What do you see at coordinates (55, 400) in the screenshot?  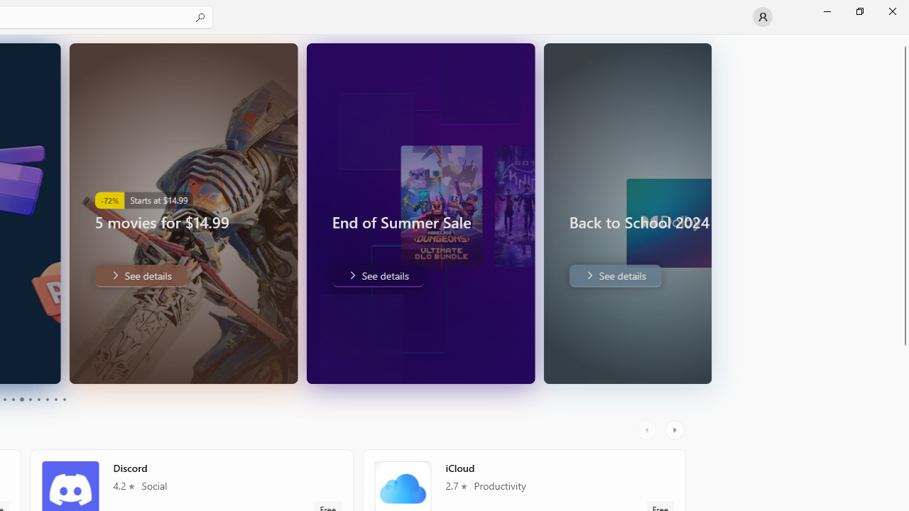 I see `'Page 9'` at bounding box center [55, 400].